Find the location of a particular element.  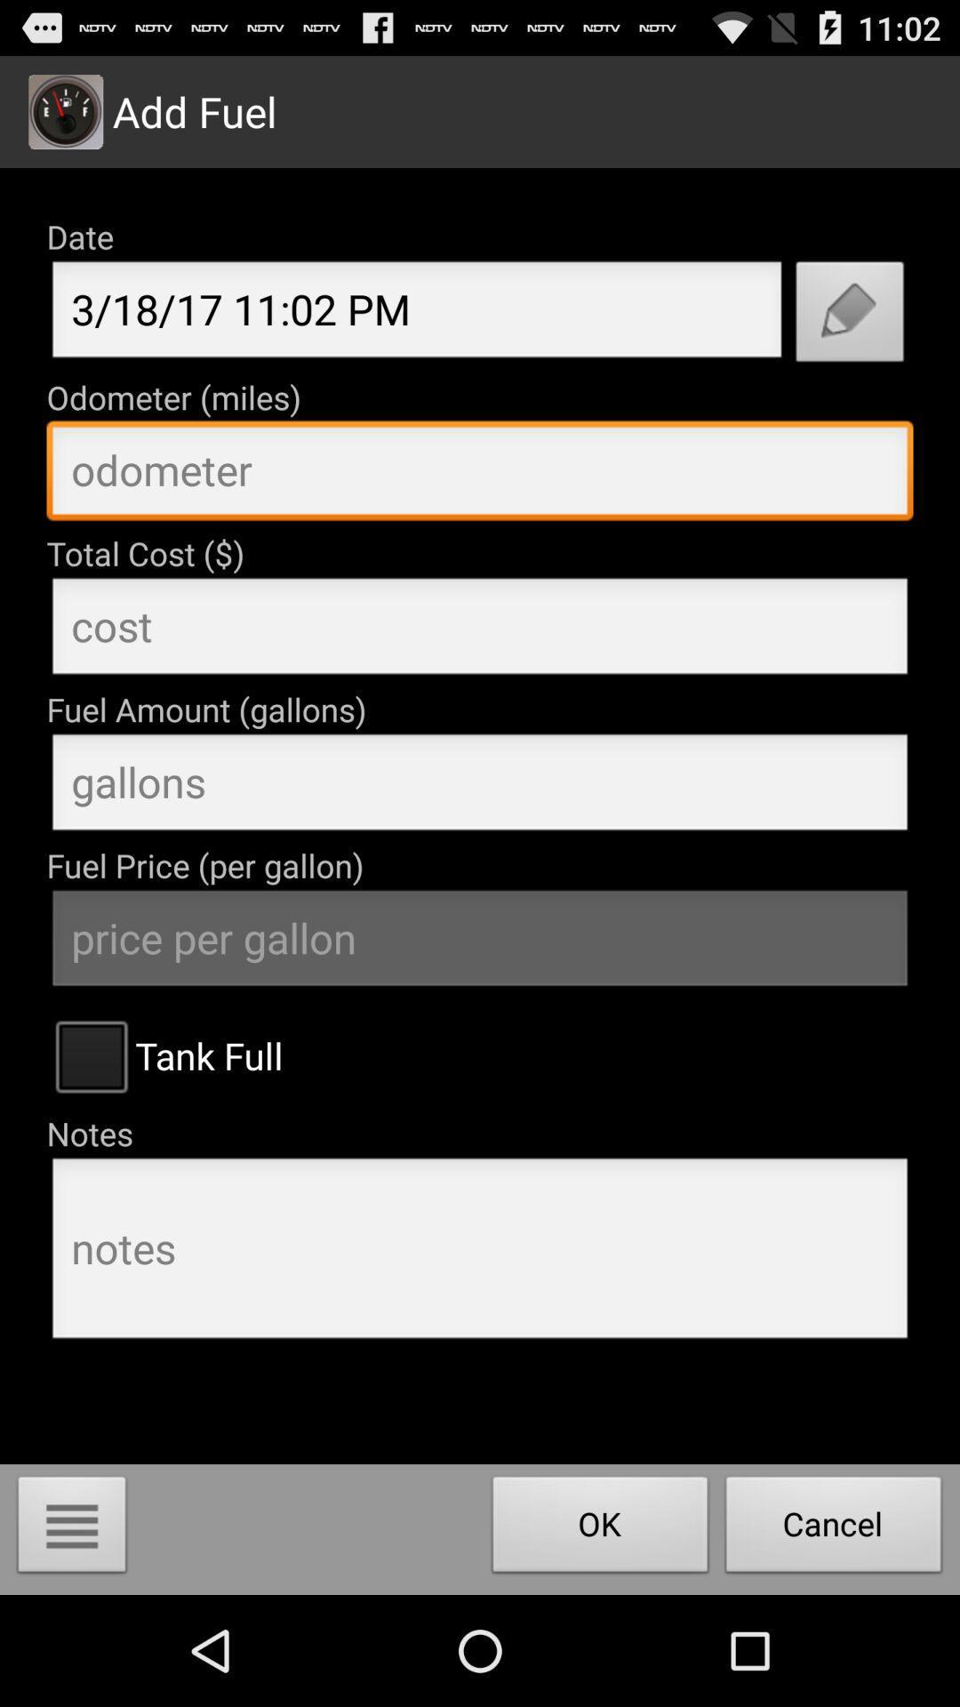

ok button left to cancel button is located at coordinates (600, 1529).